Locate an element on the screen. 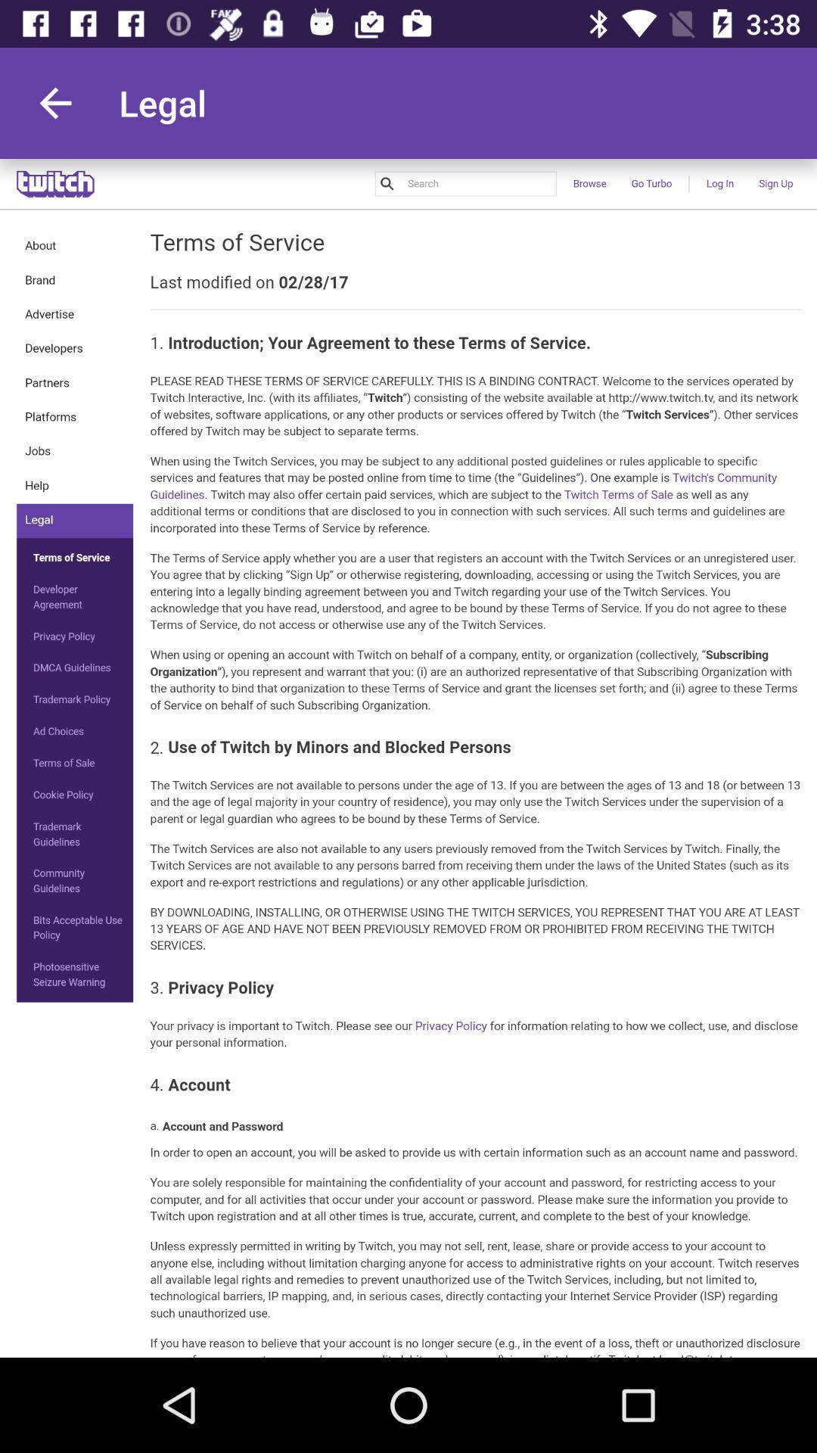 The height and width of the screenshot is (1453, 817). click article is located at coordinates (408, 758).